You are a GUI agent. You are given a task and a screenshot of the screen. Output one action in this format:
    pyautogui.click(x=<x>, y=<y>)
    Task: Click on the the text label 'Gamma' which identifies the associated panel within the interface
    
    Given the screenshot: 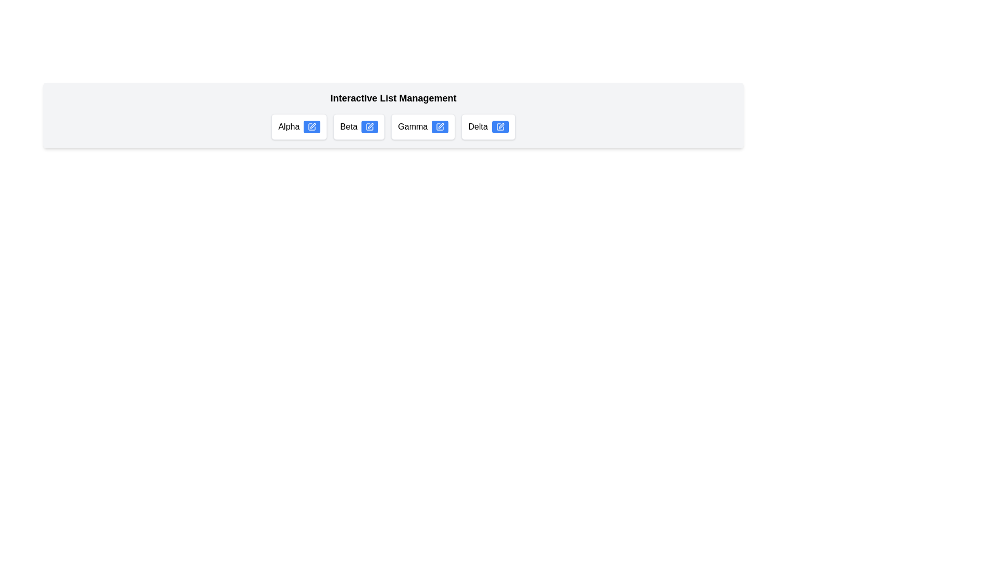 What is the action you would take?
    pyautogui.click(x=412, y=126)
    